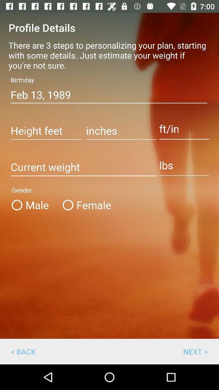 The image size is (219, 390). Describe the element at coordinates (109, 95) in the screenshot. I see `the feb 13, 1989` at that location.